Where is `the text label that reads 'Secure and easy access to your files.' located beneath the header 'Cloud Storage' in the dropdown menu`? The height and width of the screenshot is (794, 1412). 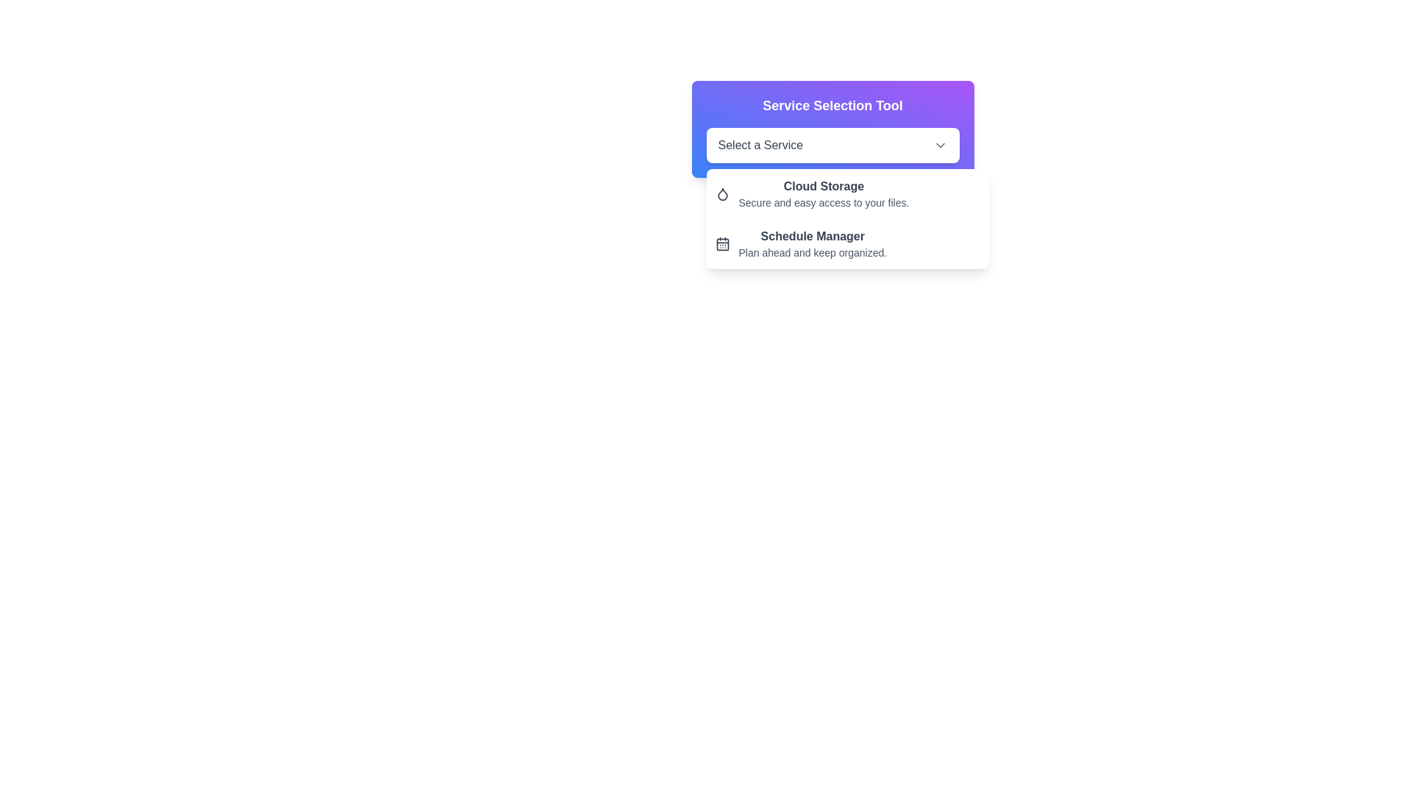 the text label that reads 'Secure and easy access to your files.' located beneath the header 'Cloud Storage' in the dropdown menu is located at coordinates (824, 203).